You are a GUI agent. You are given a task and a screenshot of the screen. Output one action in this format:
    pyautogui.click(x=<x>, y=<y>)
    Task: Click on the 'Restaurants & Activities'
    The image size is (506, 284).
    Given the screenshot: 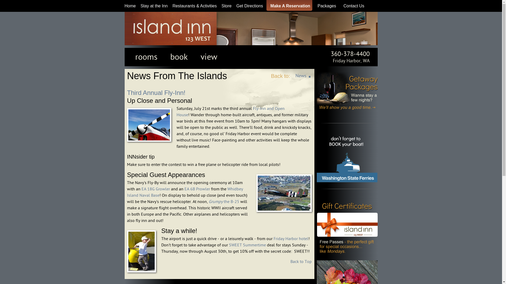 What is the action you would take?
    pyautogui.click(x=172, y=6)
    